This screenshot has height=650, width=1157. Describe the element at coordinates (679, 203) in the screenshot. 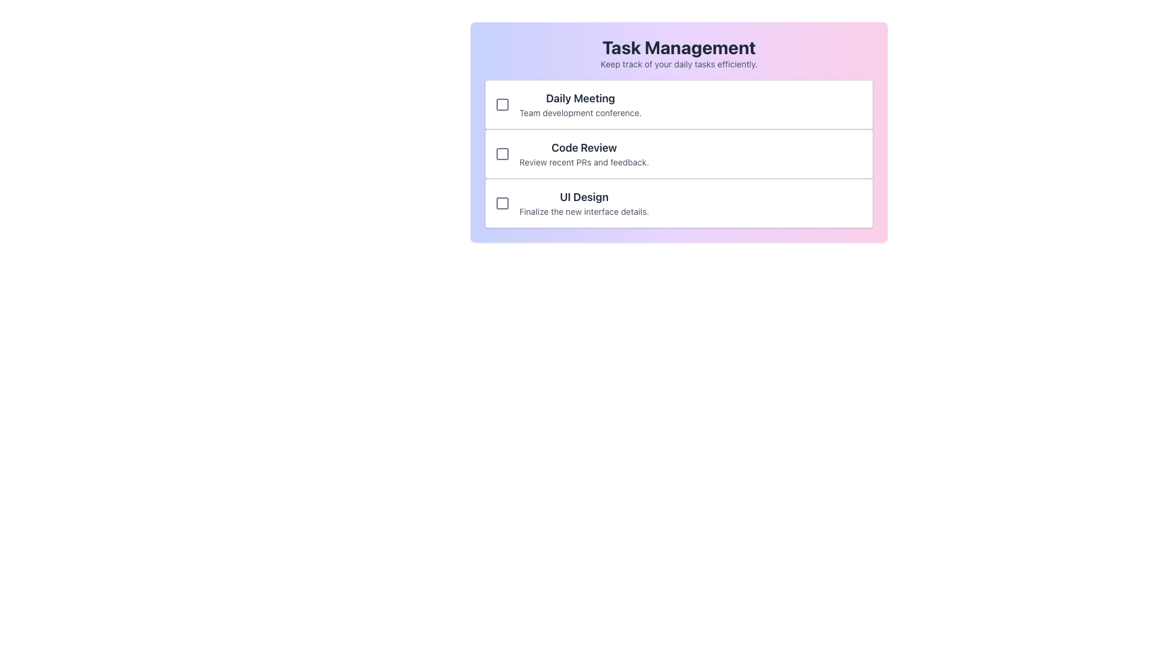

I see `the checkbox of the task list item labeled 'UI Design' to mark it as completed` at that location.